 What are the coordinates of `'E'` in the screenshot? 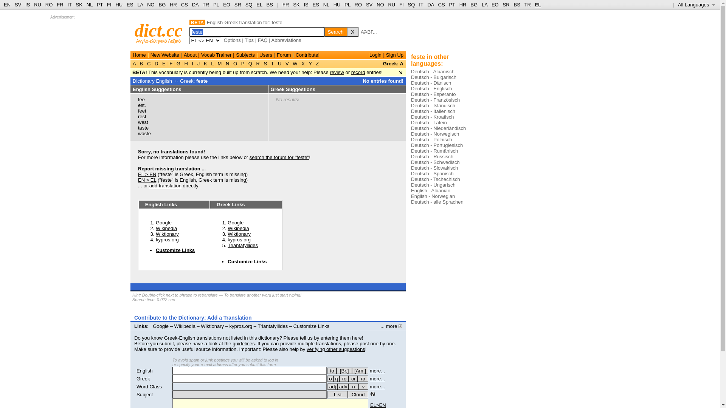 It's located at (163, 63).